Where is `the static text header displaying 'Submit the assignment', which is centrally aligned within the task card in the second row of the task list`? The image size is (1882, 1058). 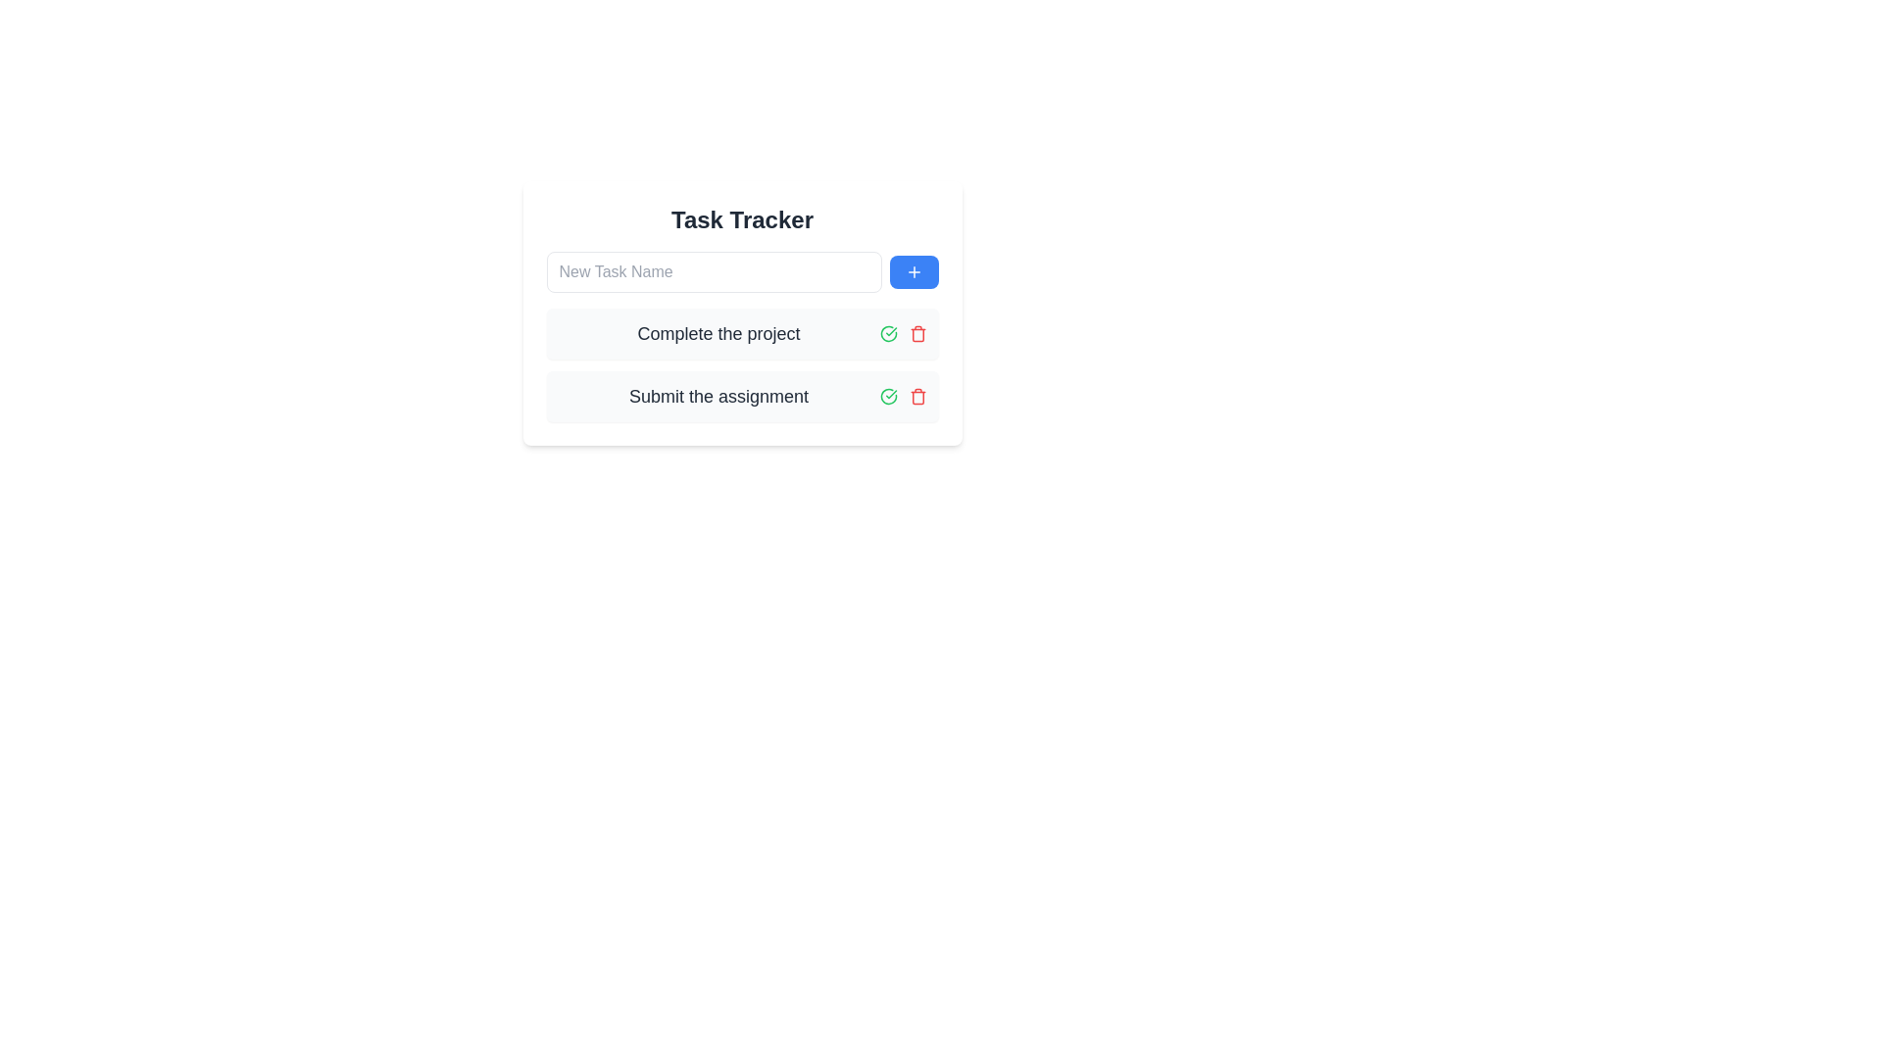
the static text header displaying 'Submit the assignment', which is centrally aligned within the task card in the second row of the task list is located at coordinates (718, 397).